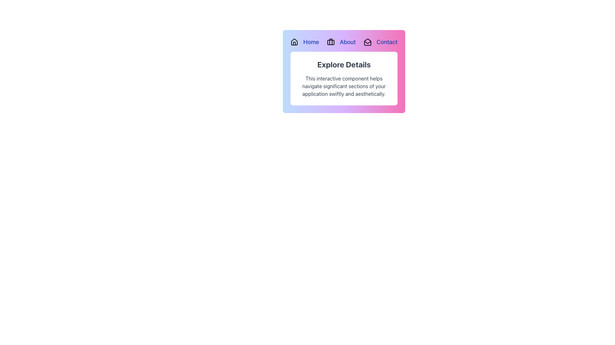 This screenshot has width=615, height=345. What do you see at coordinates (347, 42) in the screenshot?
I see `the 'About' hyperlink, which is a blue, bold, and underlined text link located in the top-center header navigation row` at bounding box center [347, 42].